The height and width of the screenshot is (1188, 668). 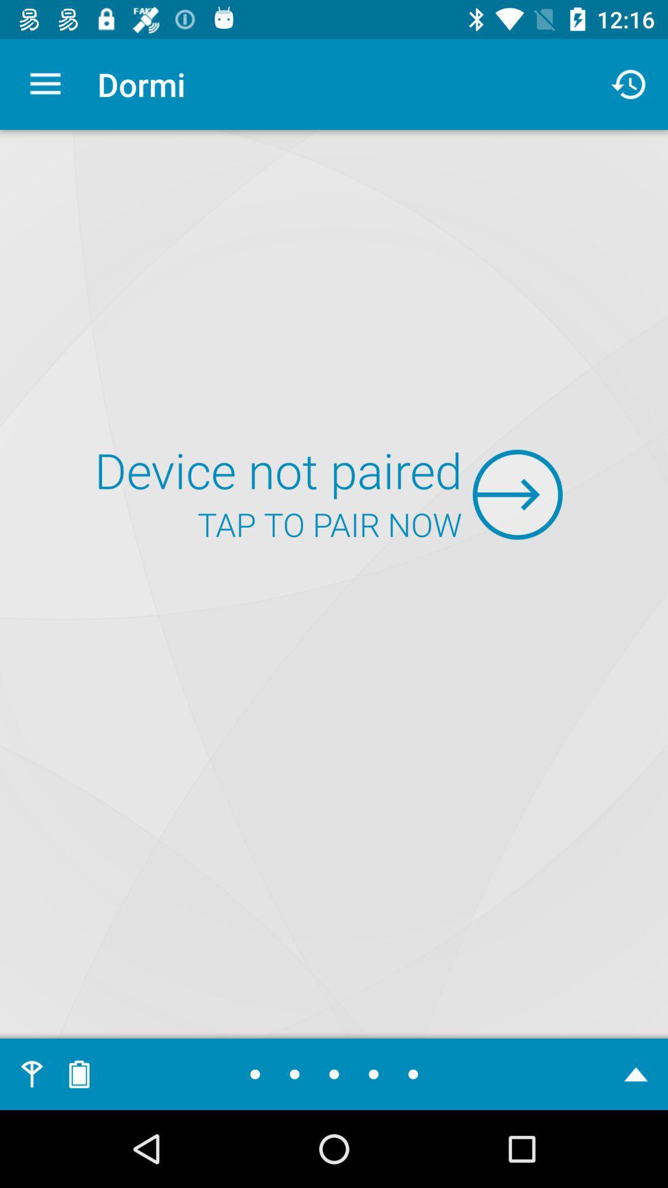 I want to click on the icon next to the dormi app, so click(x=45, y=84).